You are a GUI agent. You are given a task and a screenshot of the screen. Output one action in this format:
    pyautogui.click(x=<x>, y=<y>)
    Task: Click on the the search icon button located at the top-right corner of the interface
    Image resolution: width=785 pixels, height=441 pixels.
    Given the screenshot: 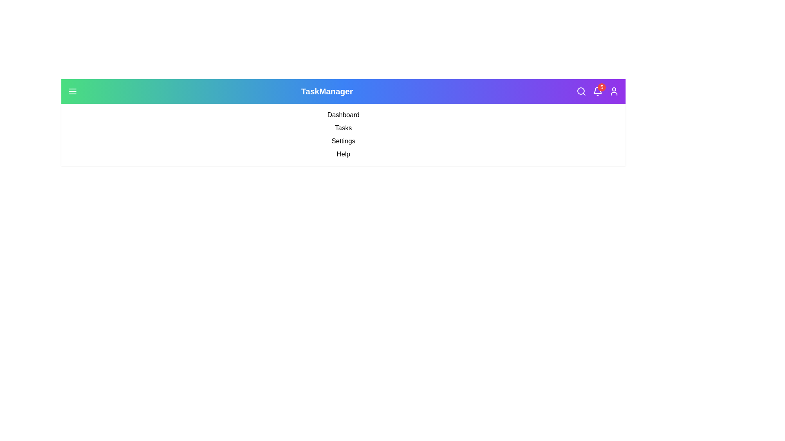 What is the action you would take?
    pyautogui.click(x=581, y=91)
    